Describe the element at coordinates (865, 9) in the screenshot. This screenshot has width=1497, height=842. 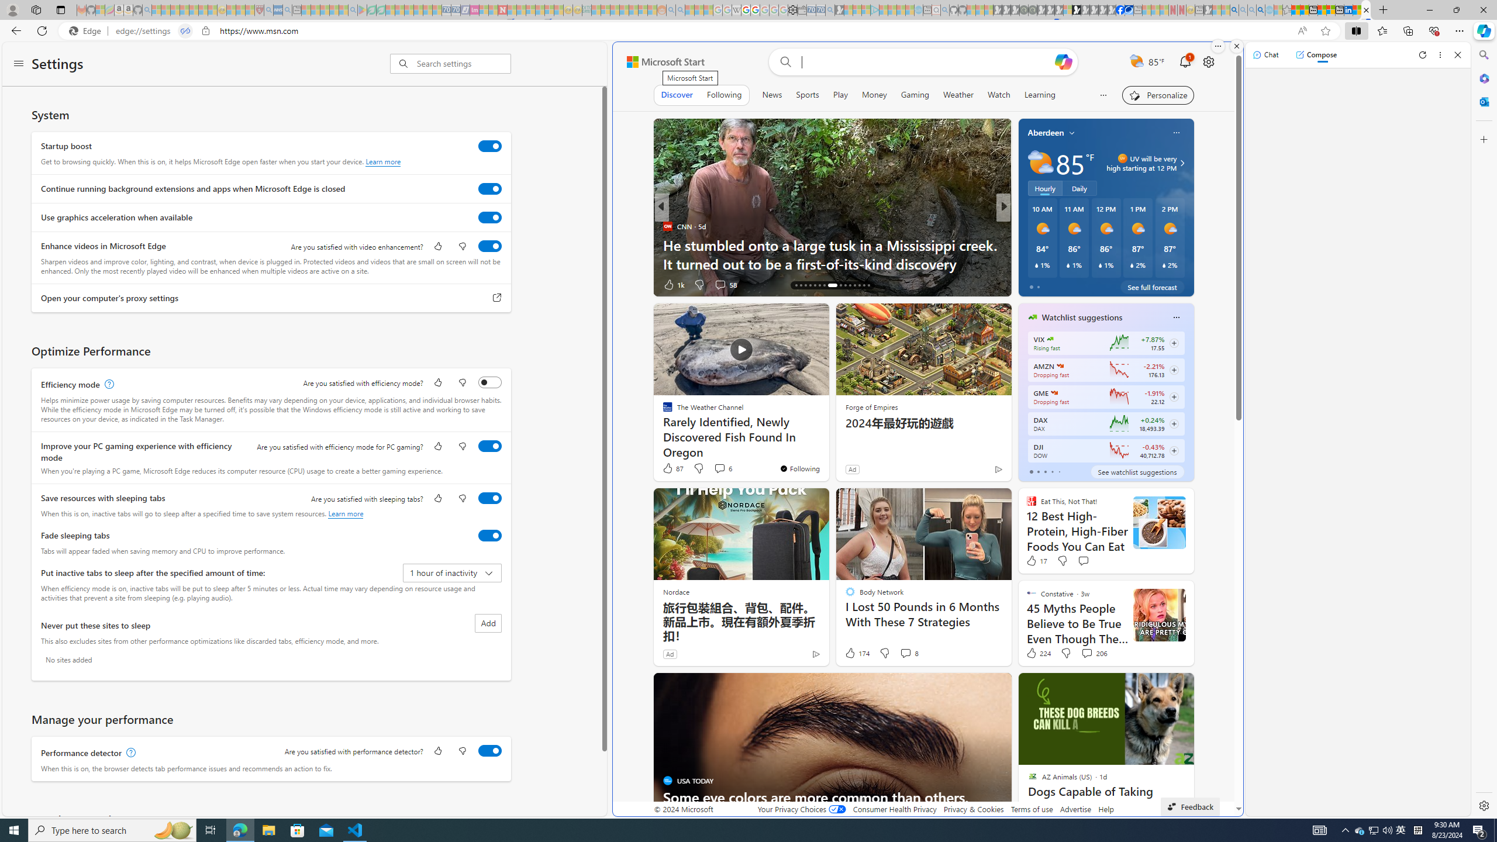
I see `'Microsoft account | Privacy - Sleeping'` at that location.